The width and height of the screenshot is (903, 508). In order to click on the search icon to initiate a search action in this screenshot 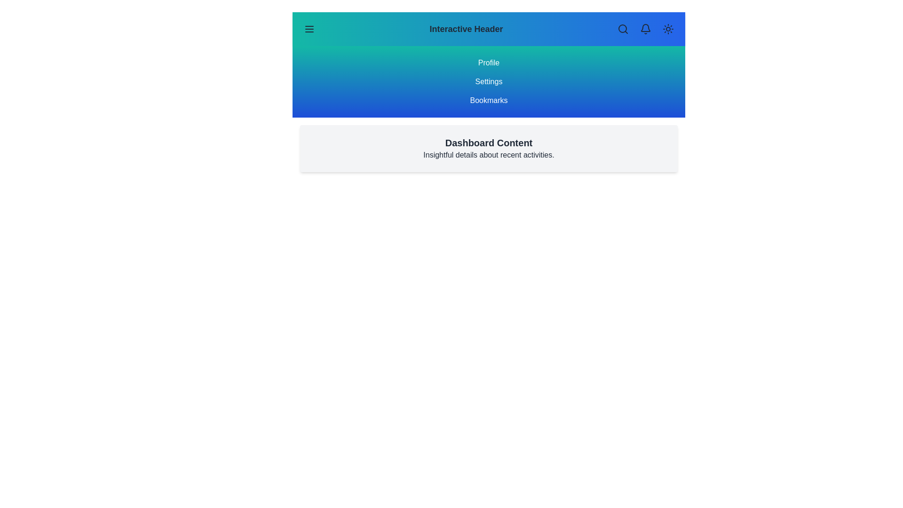, I will do `click(623, 28)`.